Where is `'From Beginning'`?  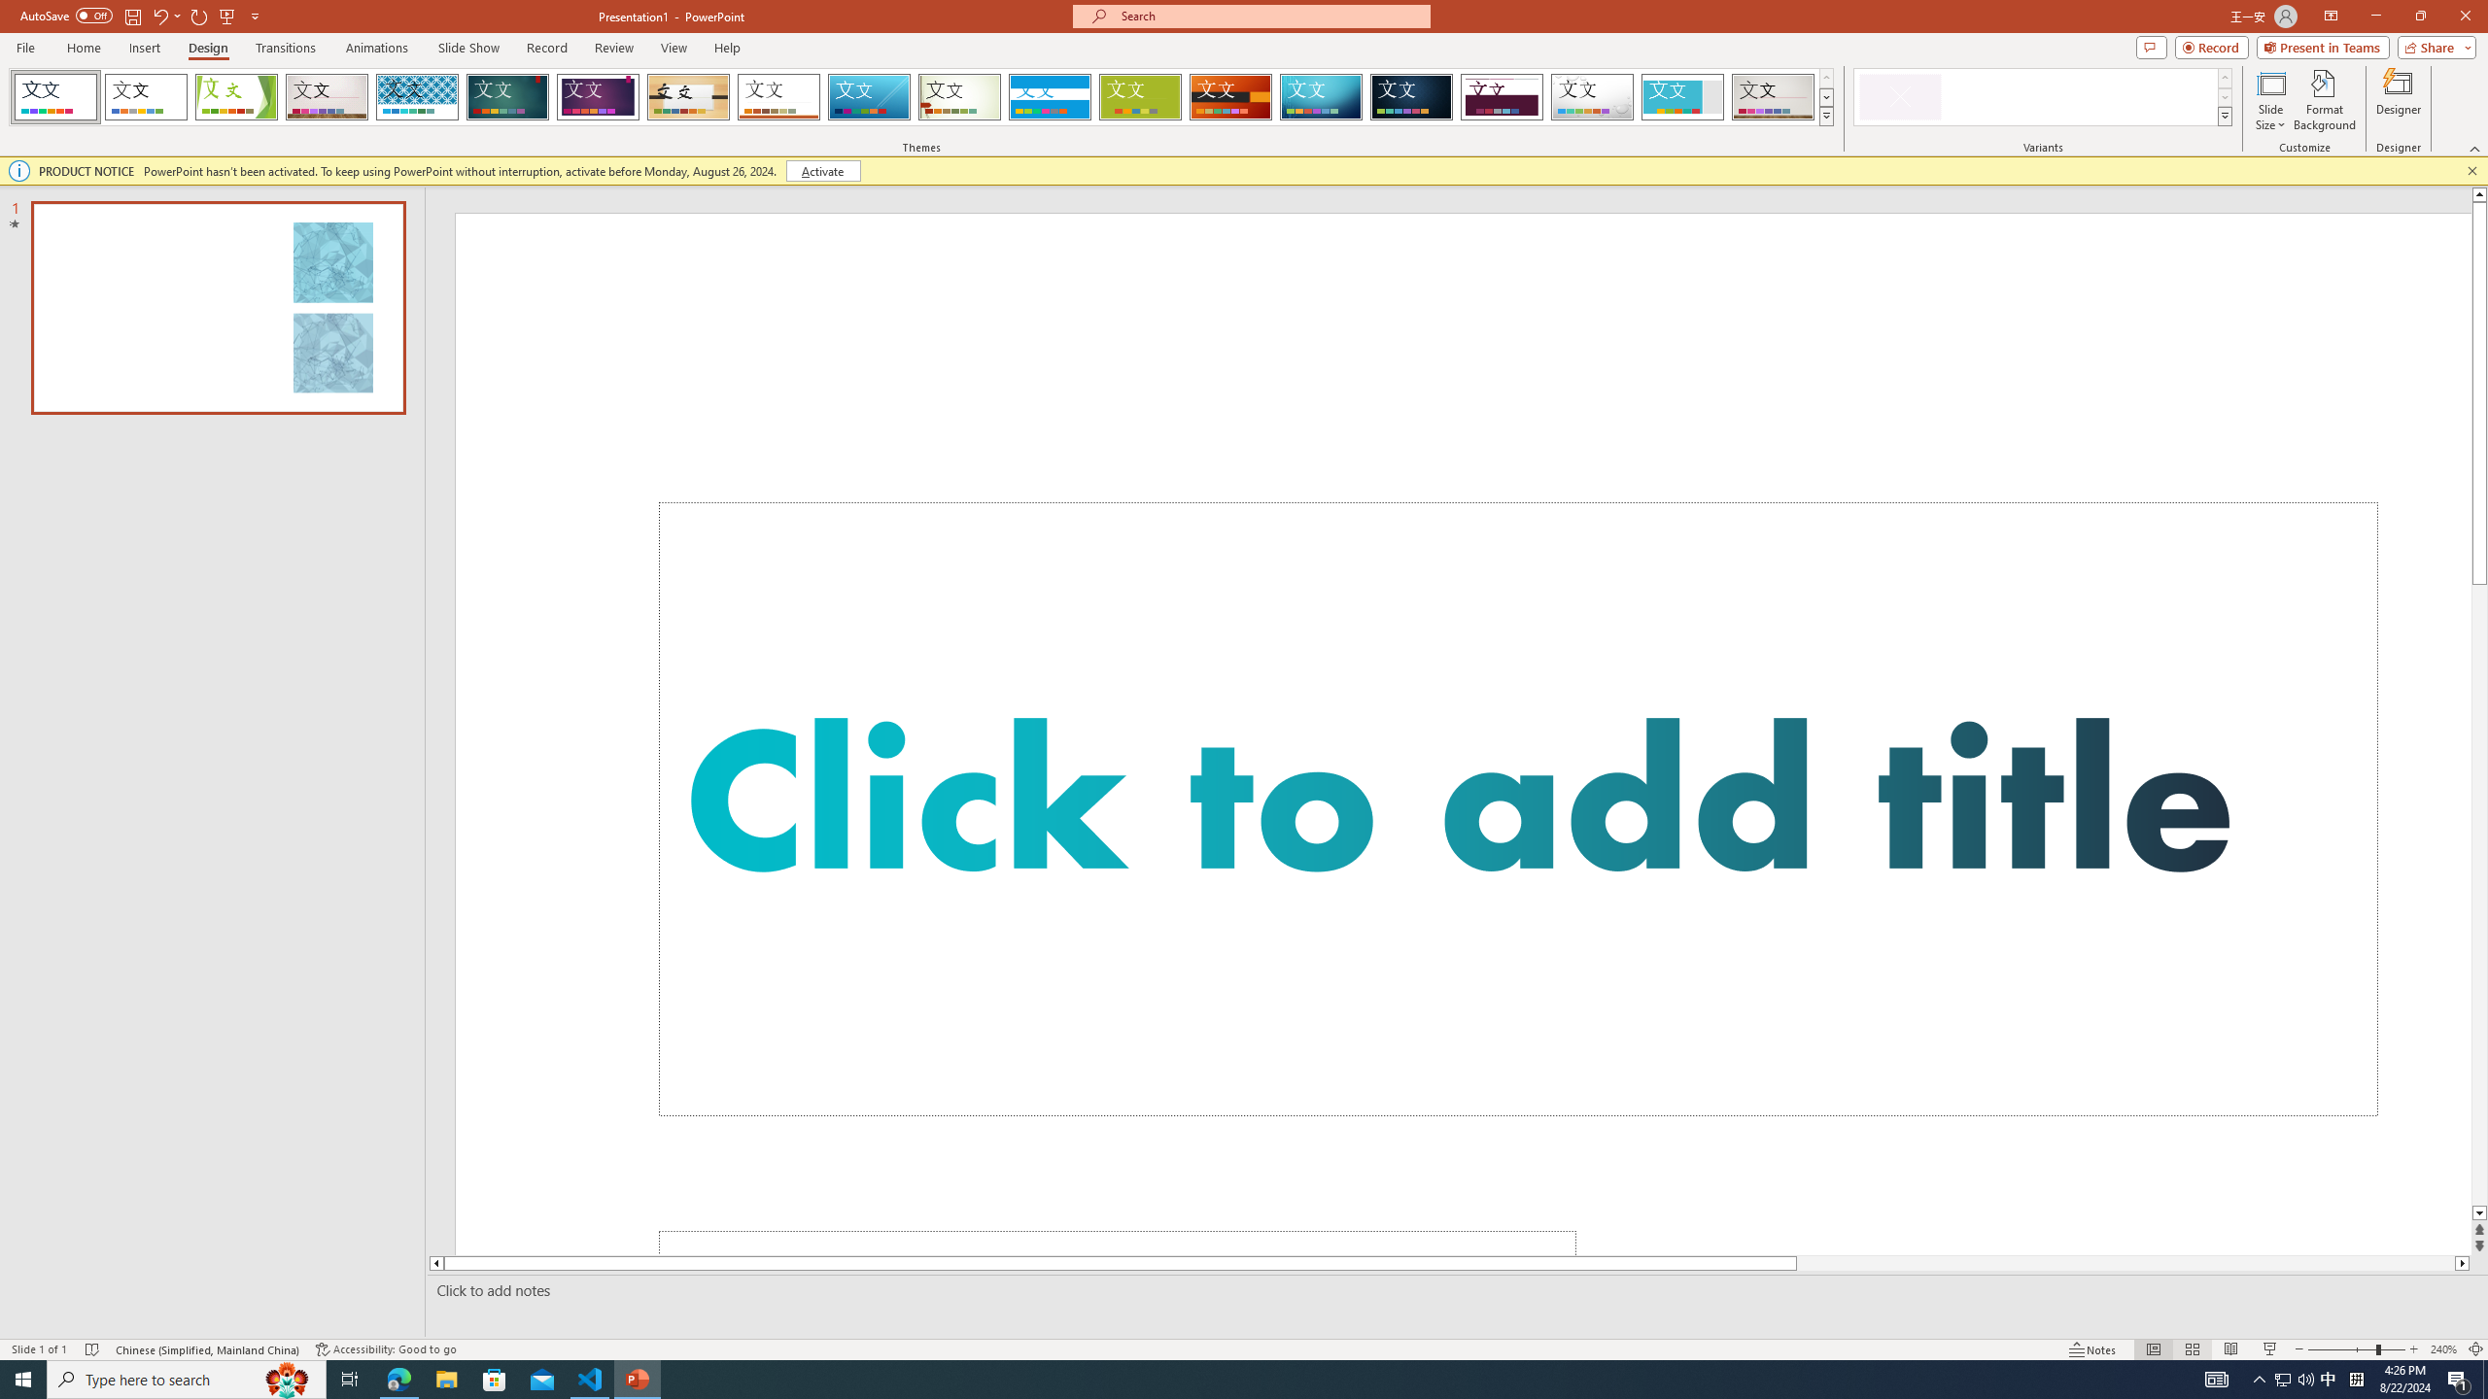
'From Beginning' is located at coordinates (226, 15).